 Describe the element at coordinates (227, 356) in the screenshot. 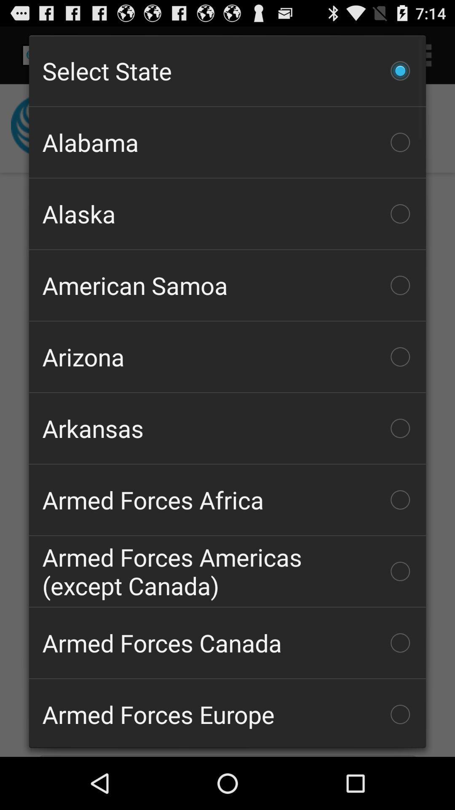

I see `the item below the american samoa icon` at that location.